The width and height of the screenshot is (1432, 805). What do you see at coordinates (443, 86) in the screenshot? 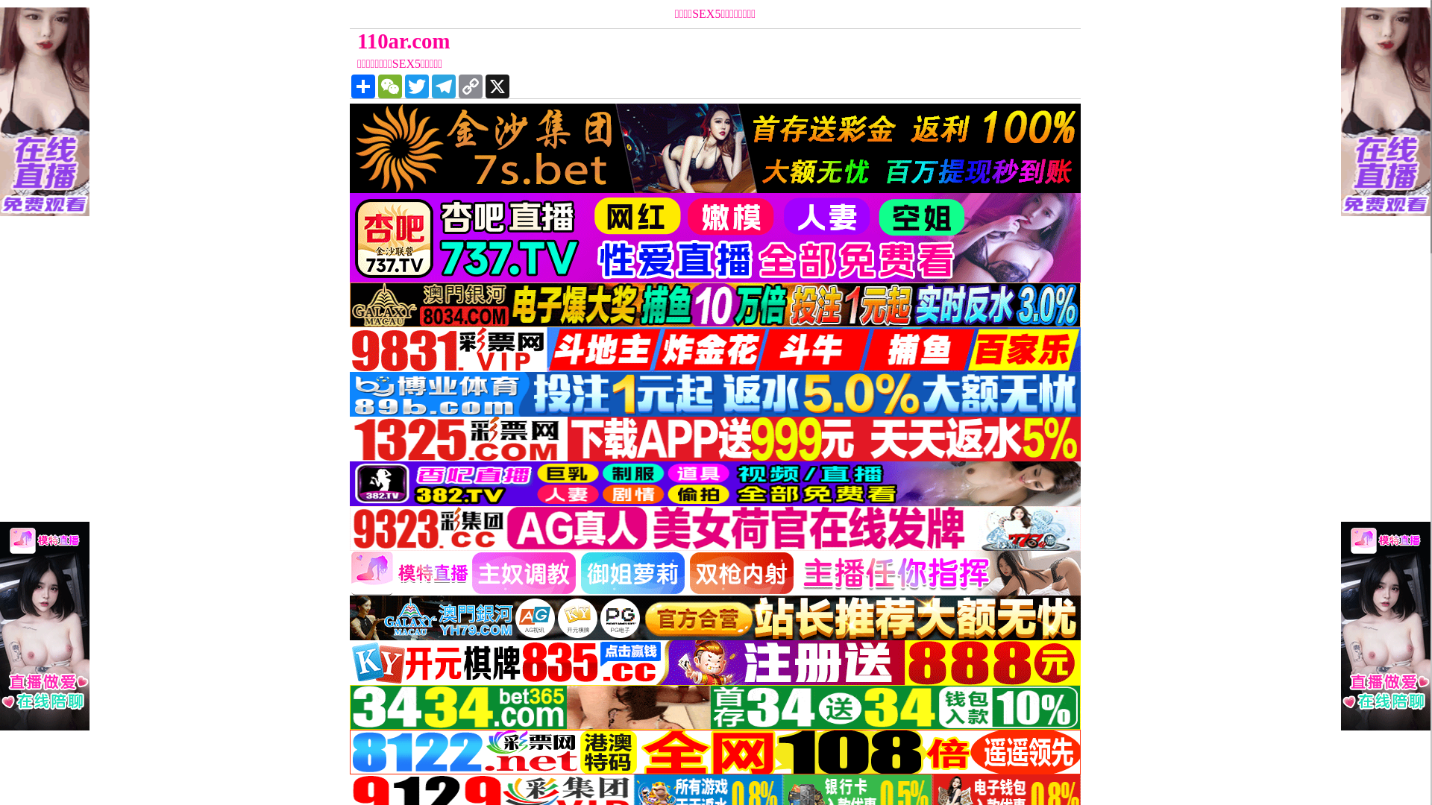
I see `'Telegram'` at bounding box center [443, 86].